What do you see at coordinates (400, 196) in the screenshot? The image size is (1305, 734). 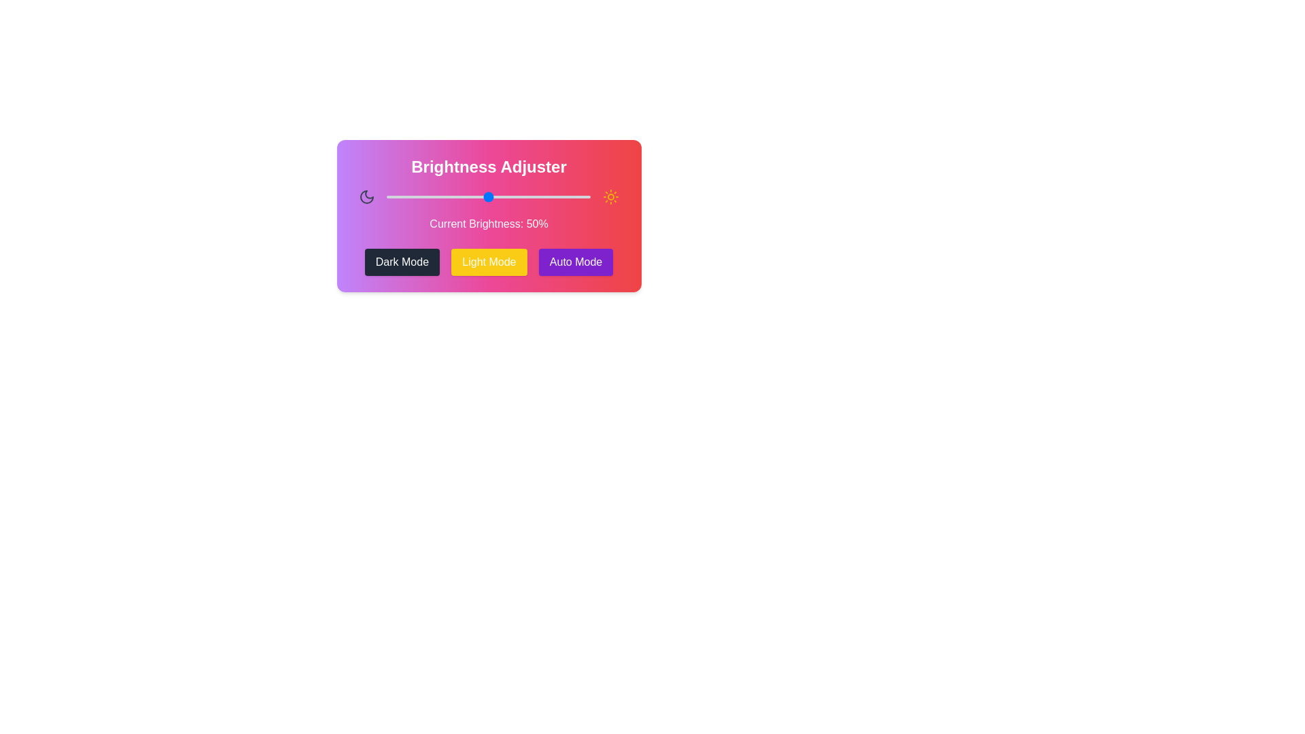 I see `the brightness to 7% by dragging the slider handle` at bounding box center [400, 196].